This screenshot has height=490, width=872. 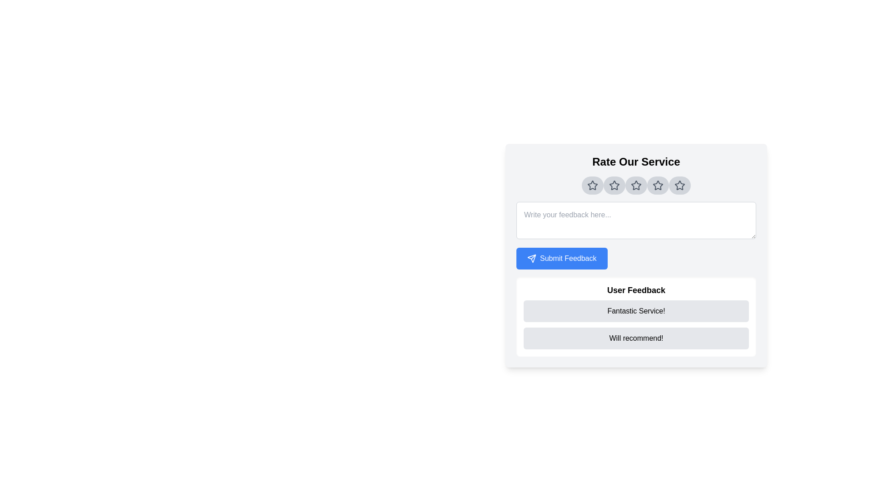 I want to click on the fifth star in the horizontal row of rating stars, so click(x=658, y=185).